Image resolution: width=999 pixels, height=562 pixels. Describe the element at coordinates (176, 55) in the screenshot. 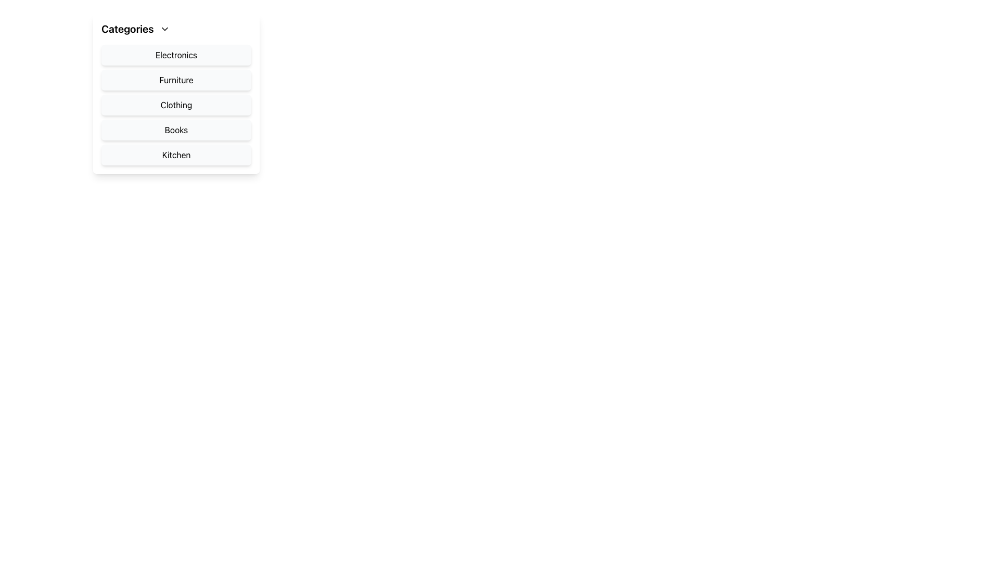

I see `the 'Electronics' button, which is the first button in the vertical list under the 'Categories' heading` at that location.